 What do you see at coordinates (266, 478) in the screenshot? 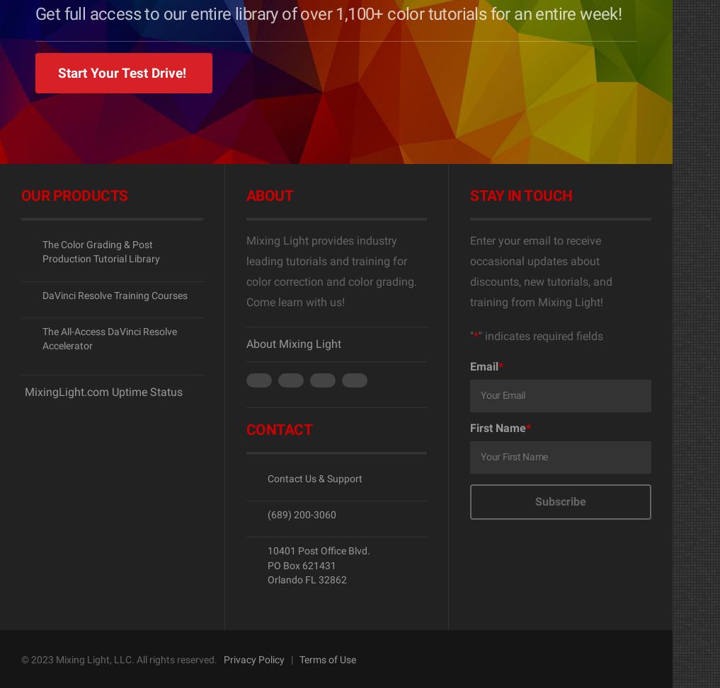
I see `'Contact Us & Support'` at bounding box center [266, 478].